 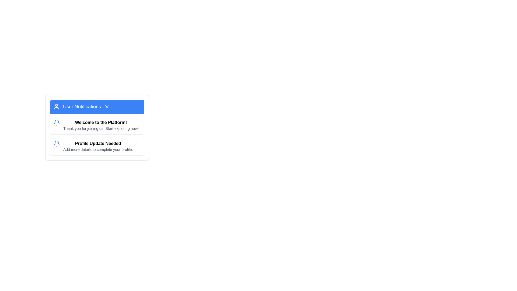 What do you see at coordinates (101, 125) in the screenshot?
I see `text displayed in the notification component that says 'Welcome to the Platform!' and 'Thank you for joining us. Start exploring now!'. This text is found within the first notification entry of the bordered and rounded notification panel` at bounding box center [101, 125].